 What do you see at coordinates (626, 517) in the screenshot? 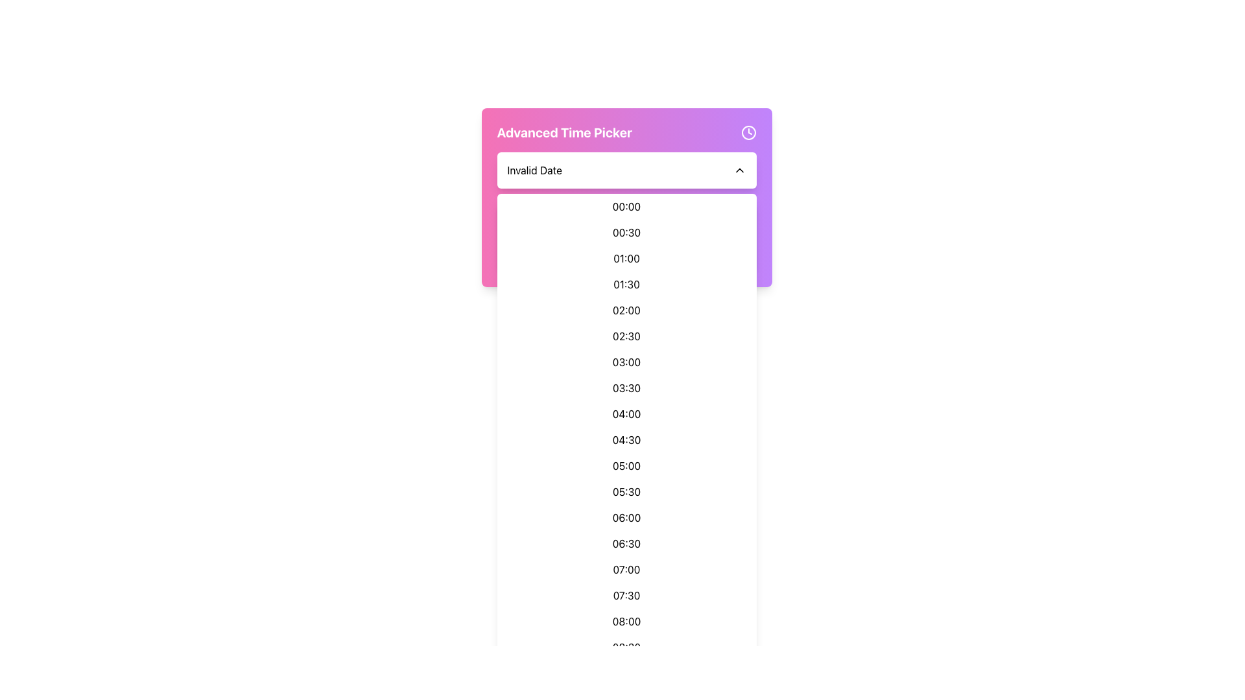
I see `to select the time '06:00' from the dropdown menu list of time options` at bounding box center [626, 517].